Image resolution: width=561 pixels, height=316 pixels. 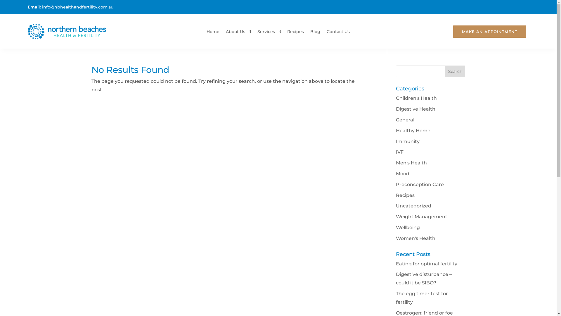 I want to click on 'Uncategorized', so click(x=396, y=205).